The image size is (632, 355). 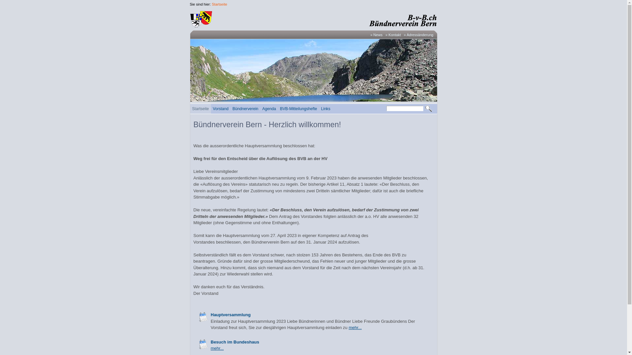 What do you see at coordinates (211, 108) in the screenshot?
I see `'Vorstand'` at bounding box center [211, 108].